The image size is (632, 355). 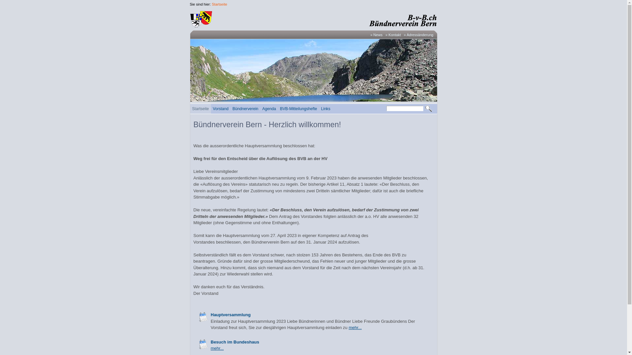 What do you see at coordinates (211, 108) in the screenshot?
I see `'Vorstand'` at bounding box center [211, 108].